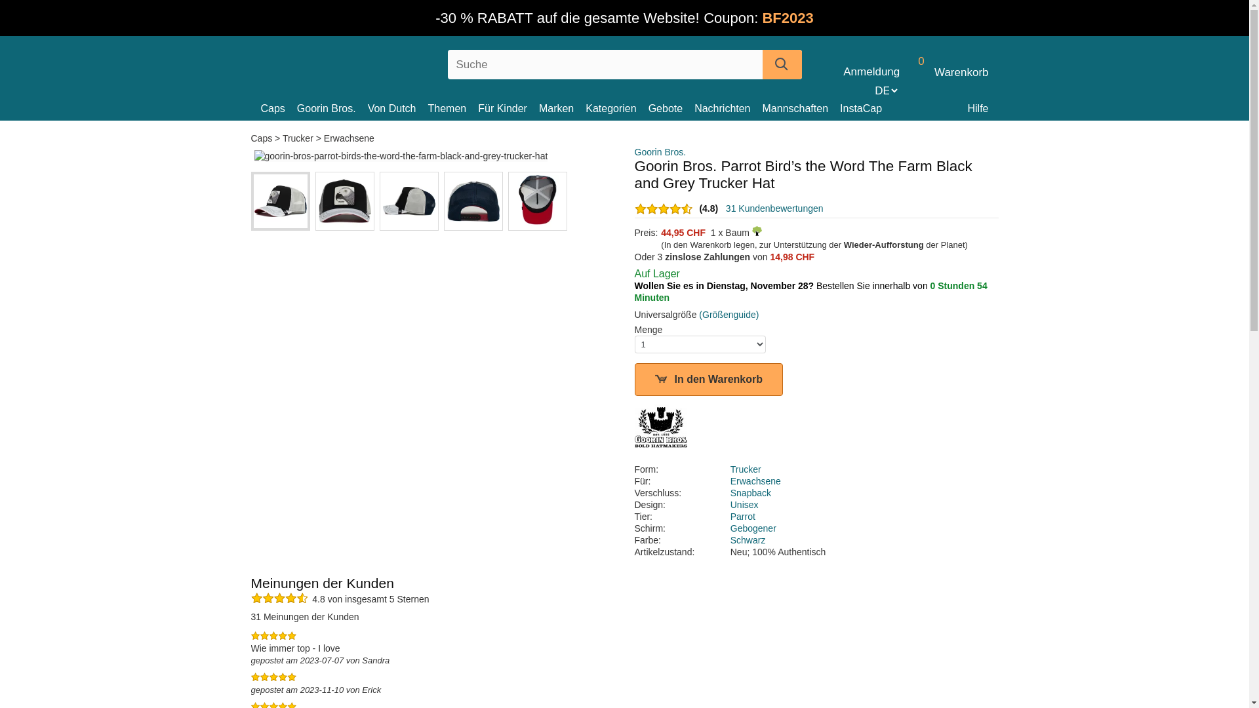  I want to click on 'Schwarz', so click(748, 540).